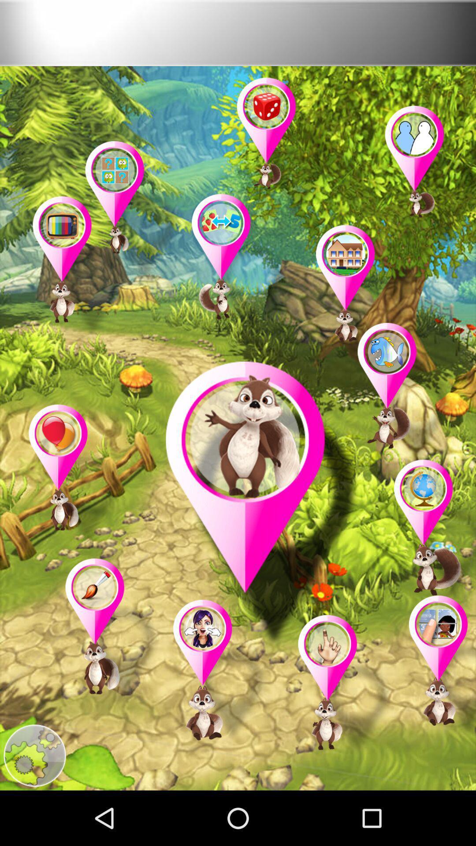 The width and height of the screenshot is (476, 846). Describe the element at coordinates (112, 631) in the screenshot. I see `open the game` at that location.